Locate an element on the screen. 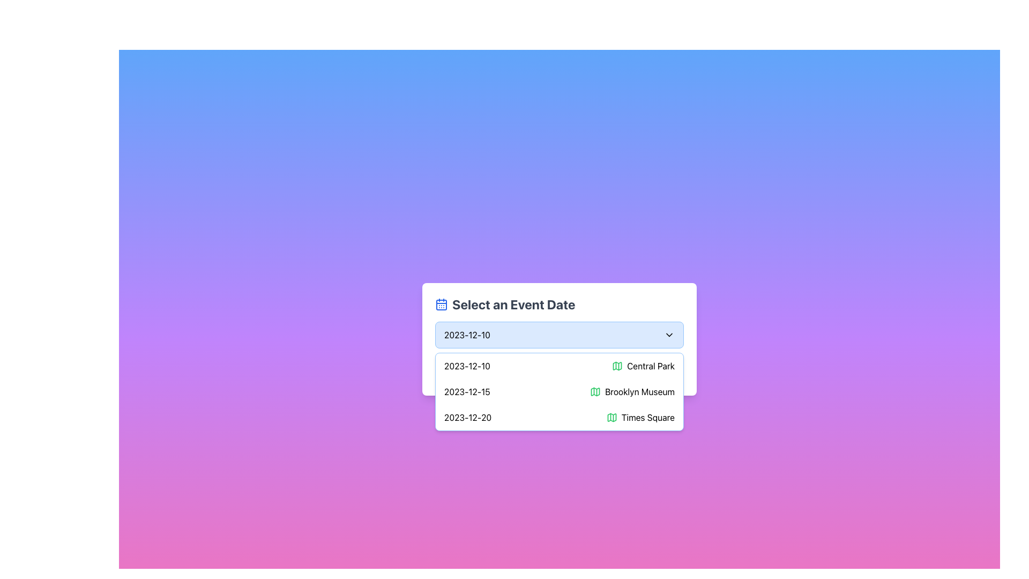 Image resolution: width=1029 pixels, height=579 pixels. the first item in the dropdown menu for selecting the event scheduled on 2023-12-10 at Central Park is located at coordinates (558, 365).